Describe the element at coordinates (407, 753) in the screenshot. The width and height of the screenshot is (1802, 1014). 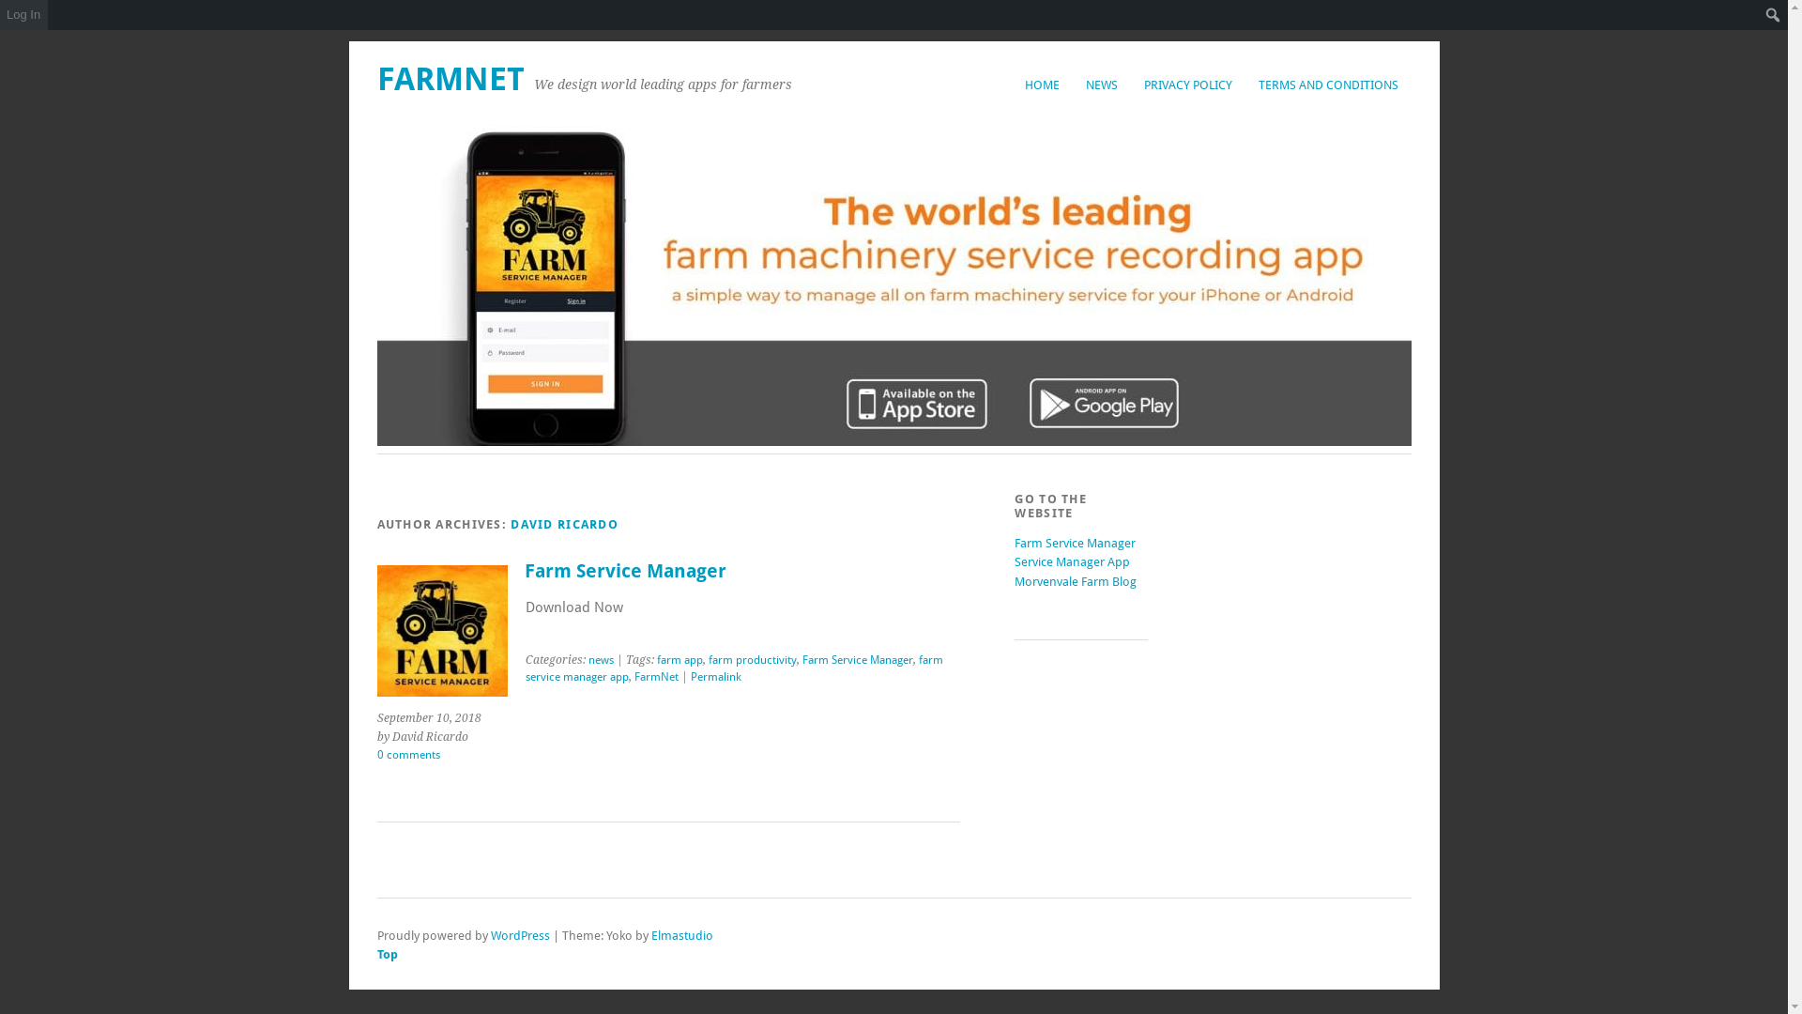
I see `'0 comments'` at that location.